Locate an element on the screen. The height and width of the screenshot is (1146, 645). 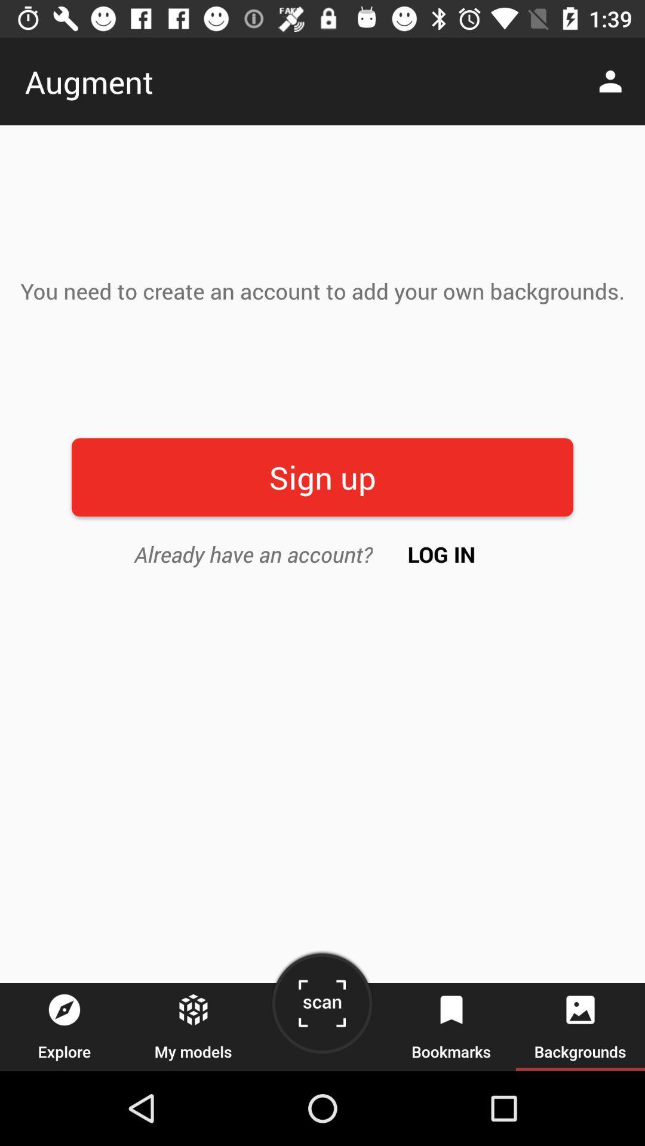
the icon to the left of the bookmarks is located at coordinates (321, 1008).